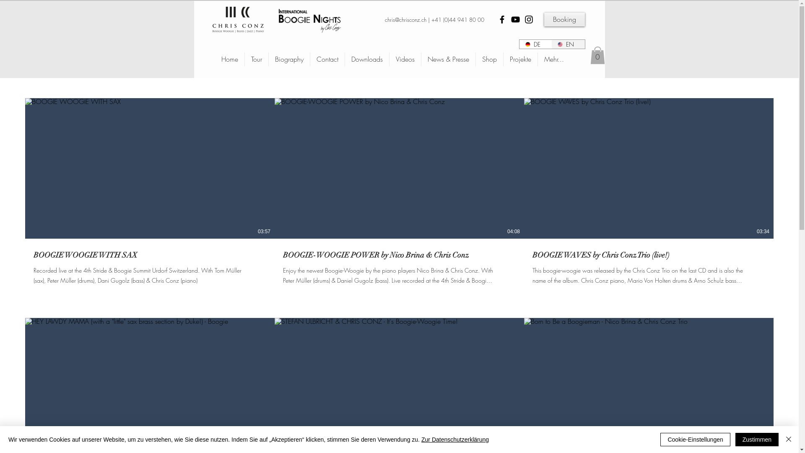  Describe the element at coordinates (457, 19) in the screenshot. I see `'+41 (0)44 941 80 00'` at that location.